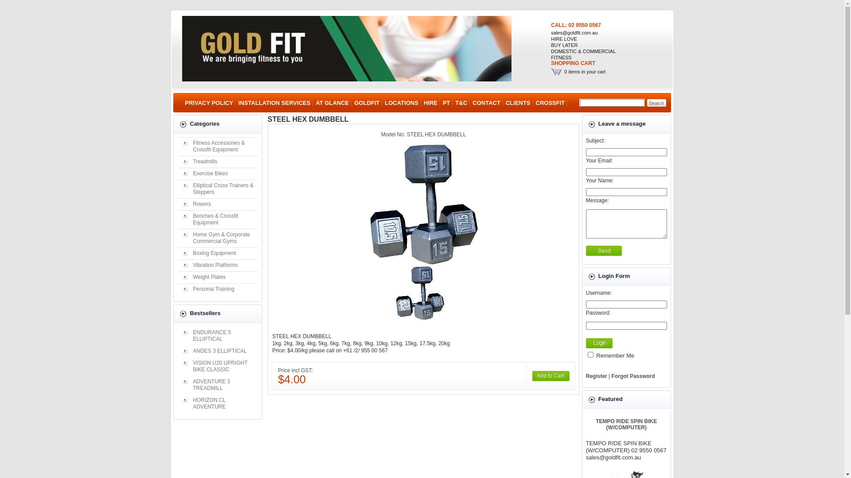 This screenshot has width=851, height=478. I want to click on 'Login', so click(599, 343).